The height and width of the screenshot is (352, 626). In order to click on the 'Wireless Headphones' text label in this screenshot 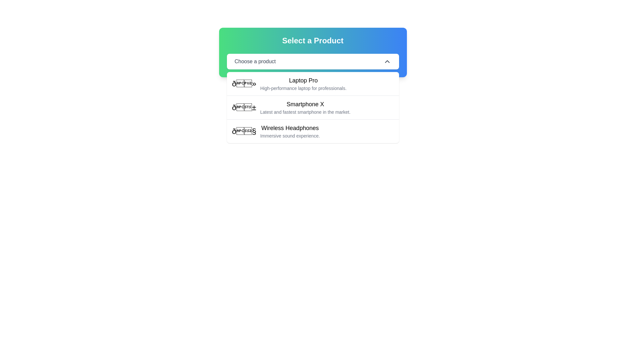, I will do `click(290, 128)`.